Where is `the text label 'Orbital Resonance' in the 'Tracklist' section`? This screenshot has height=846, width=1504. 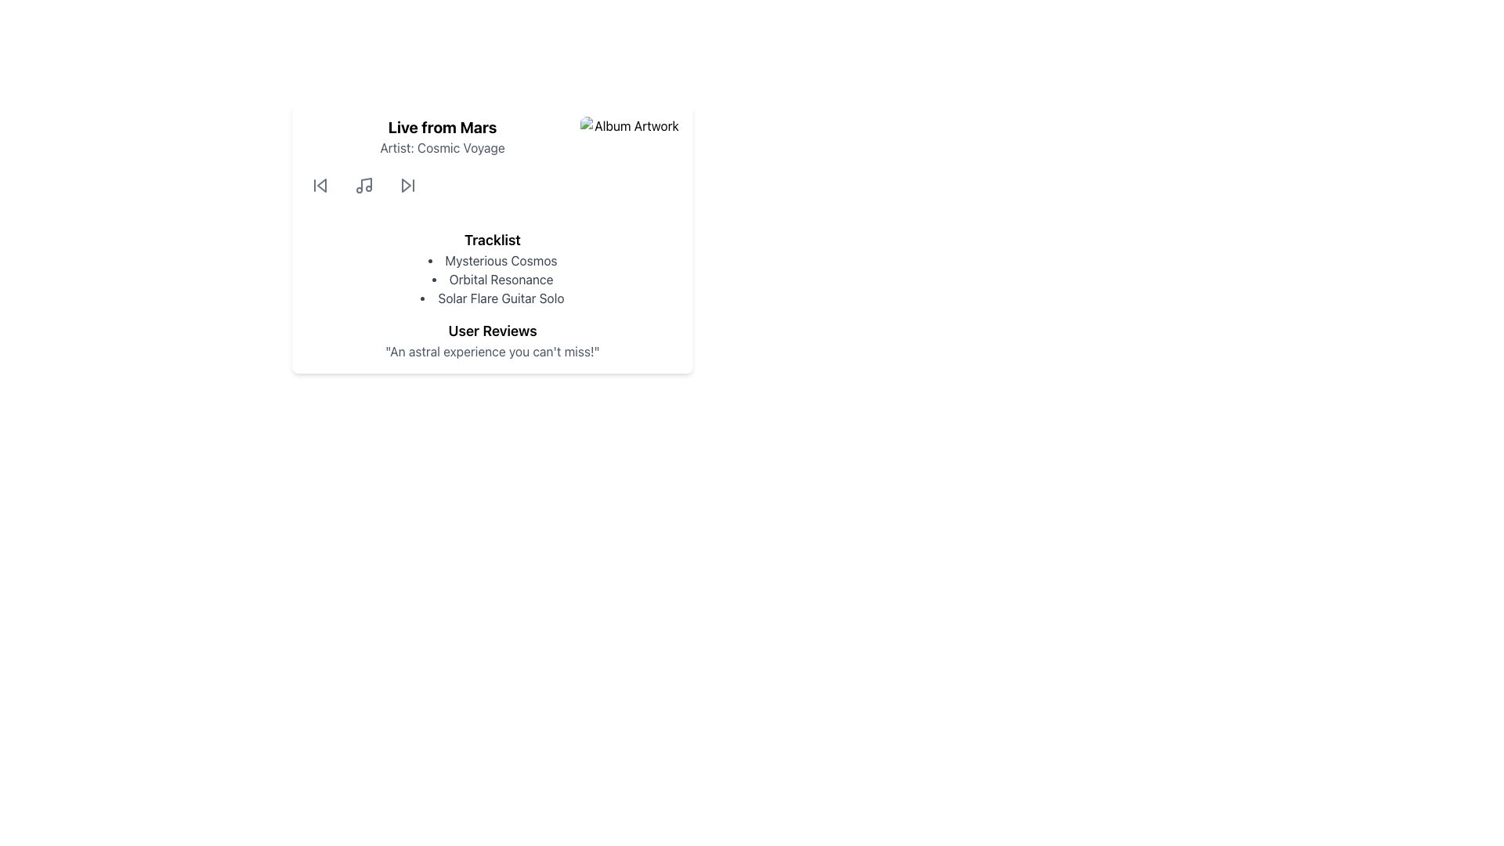 the text label 'Orbital Resonance' in the 'Tracklist' section is located at coordinates (491, 279).